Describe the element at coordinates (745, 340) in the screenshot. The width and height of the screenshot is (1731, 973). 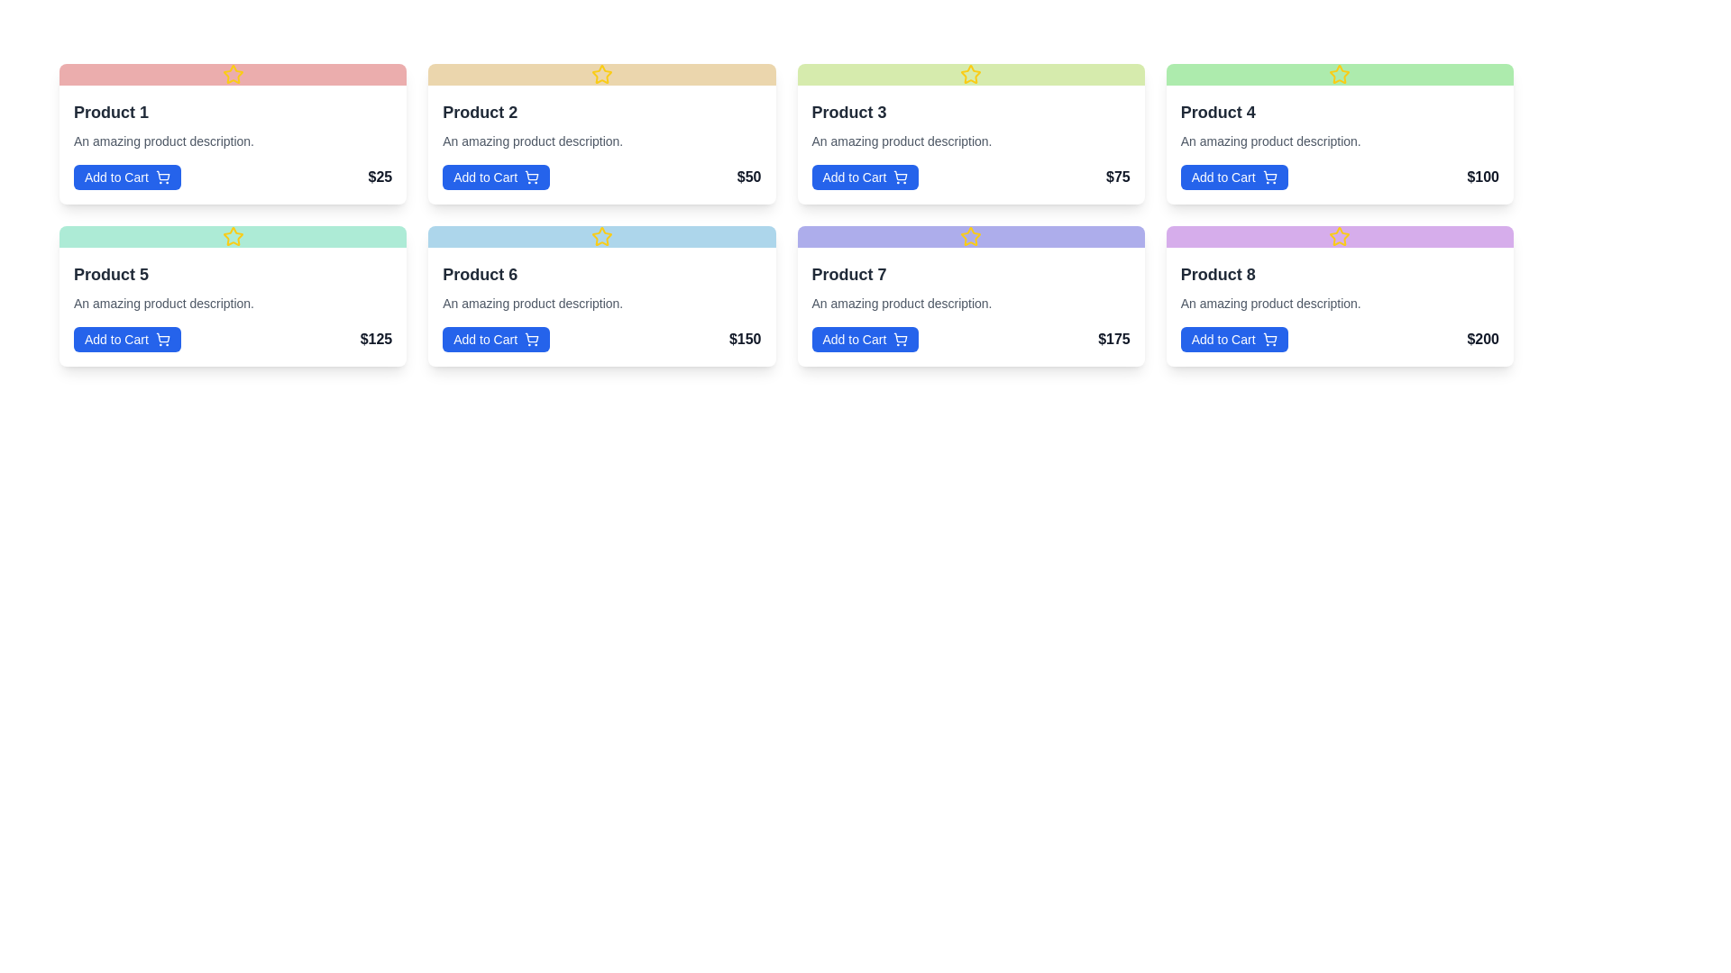
I see `the bold text element displaying '$150' located in the sixth product card of the second row, positioned near the bottom-right corner adjacent to the 'Add to Cart' button` at that location.